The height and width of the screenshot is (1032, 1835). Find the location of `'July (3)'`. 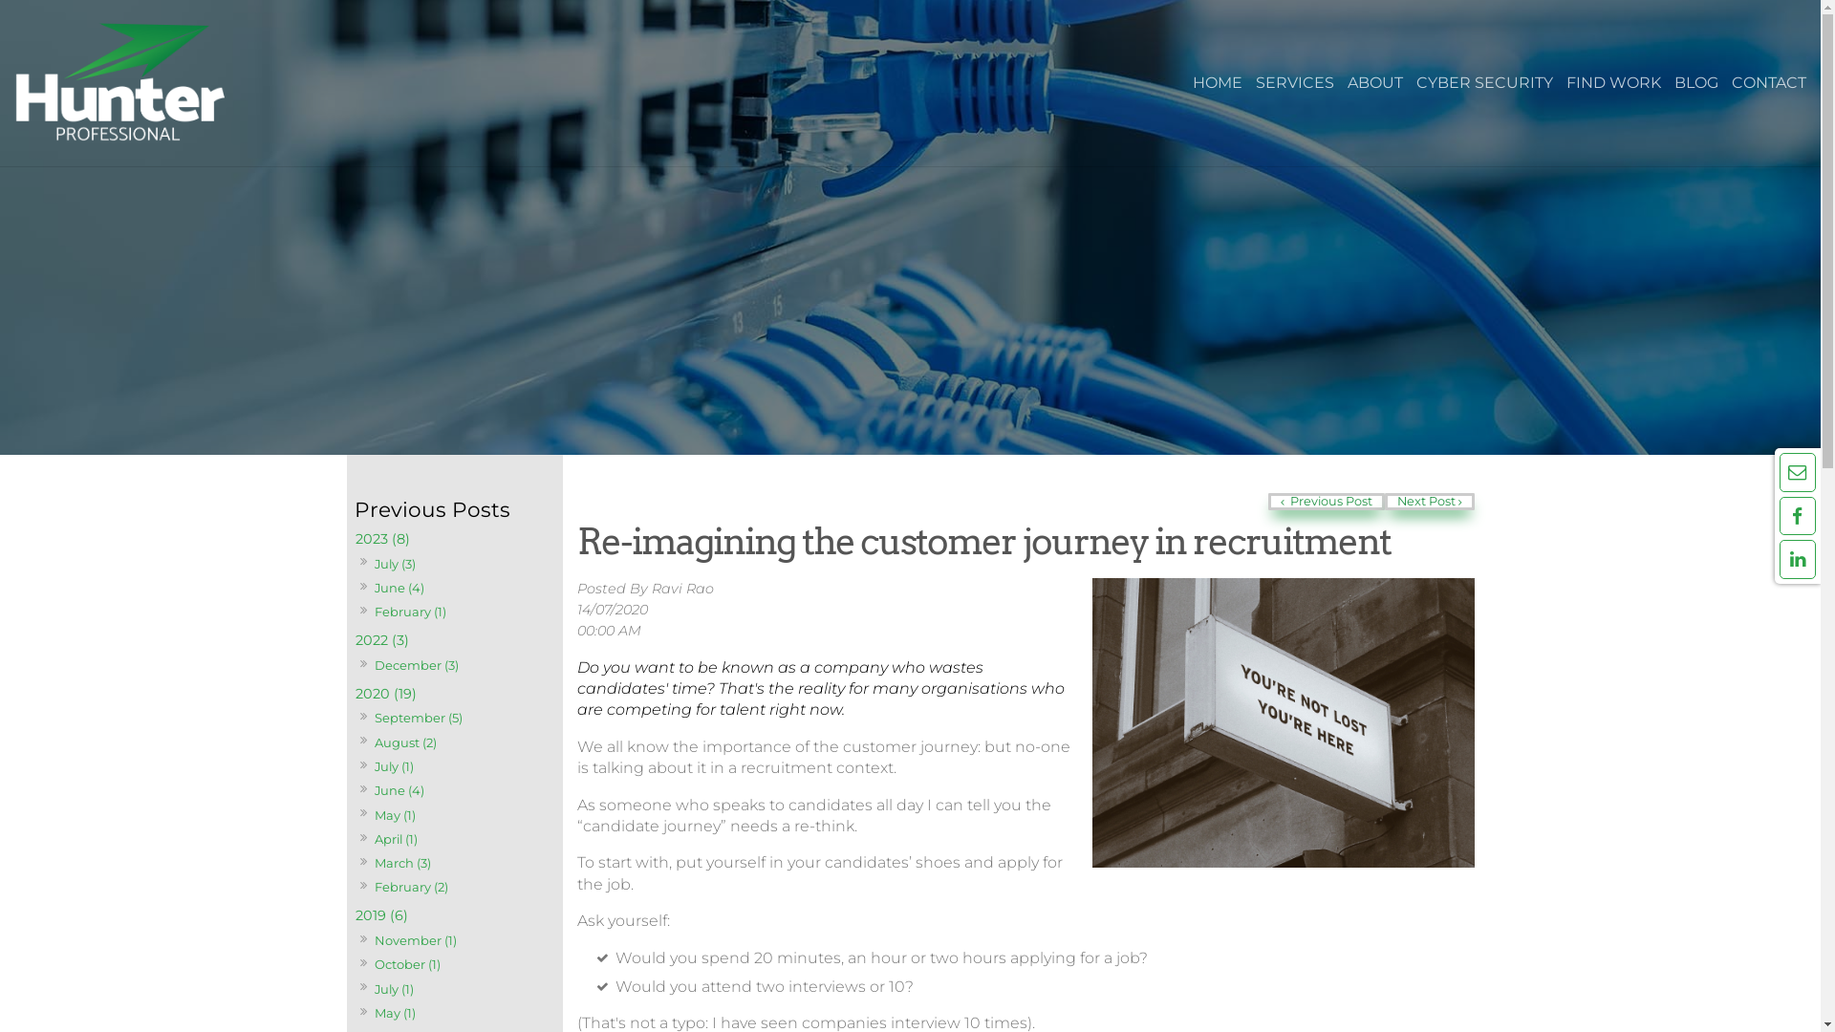

'July (3)' is located at coordinates (393, 562).